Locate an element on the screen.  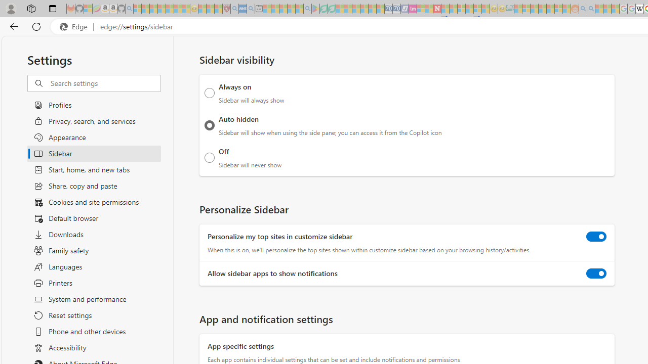
'Always on Sidebar will always show' is located at coordinates (209, 93).